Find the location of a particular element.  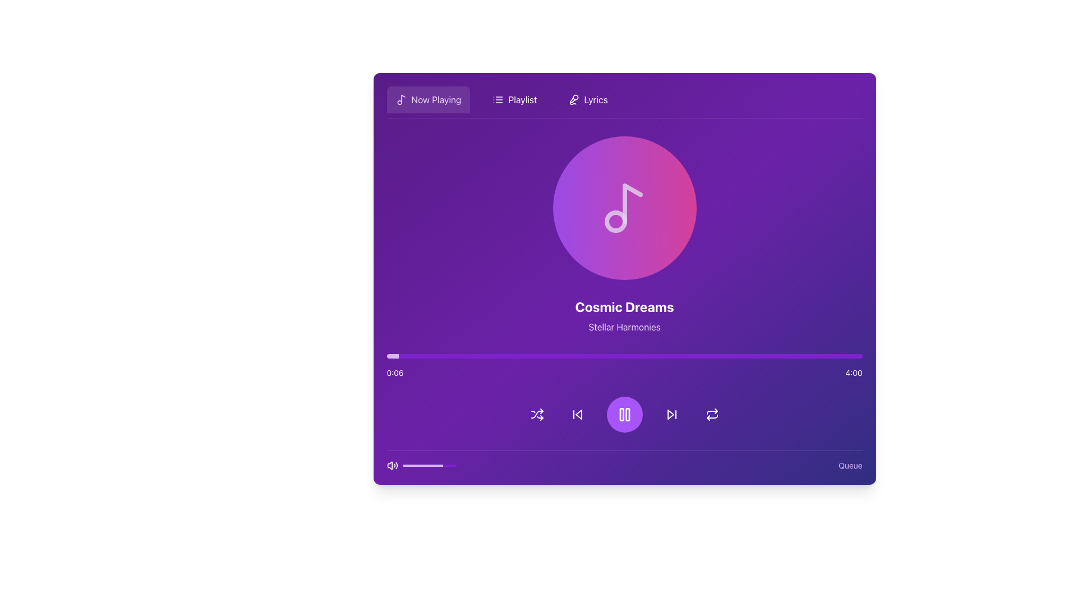

the text display that shows the title or name of the current song, located near the top center of the application interface, directly below the music note icon is located at coordinates (624, 307).